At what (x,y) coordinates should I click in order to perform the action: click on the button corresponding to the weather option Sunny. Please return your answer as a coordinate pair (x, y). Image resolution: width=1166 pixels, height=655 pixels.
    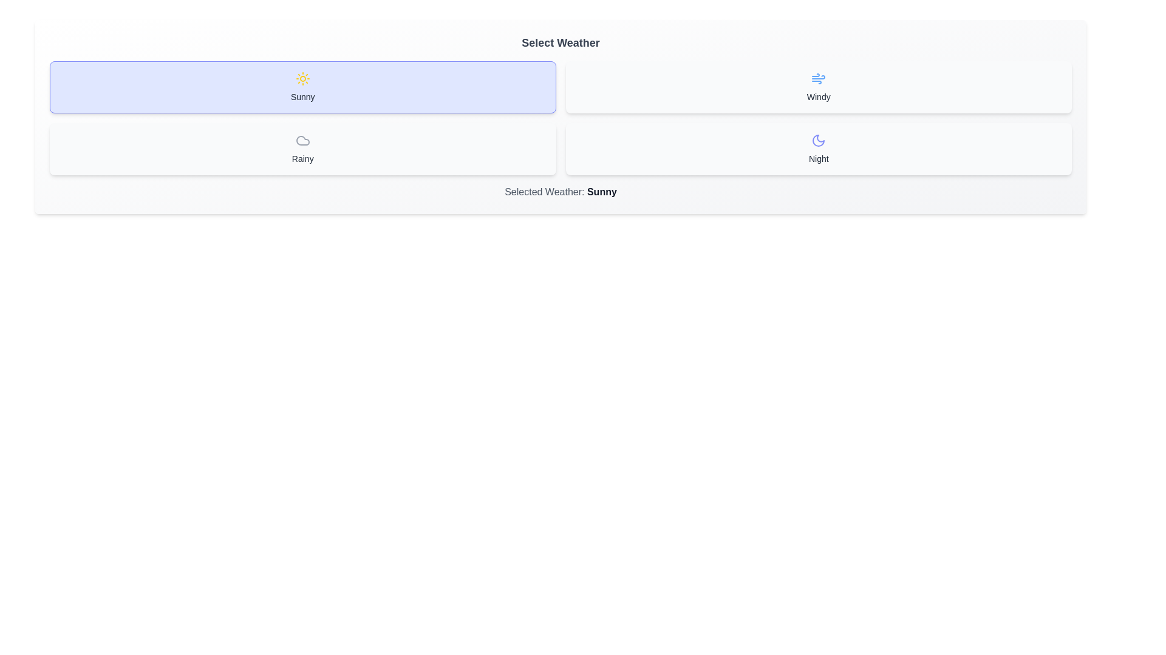
    Looking at the image, I should click on (302, 86).